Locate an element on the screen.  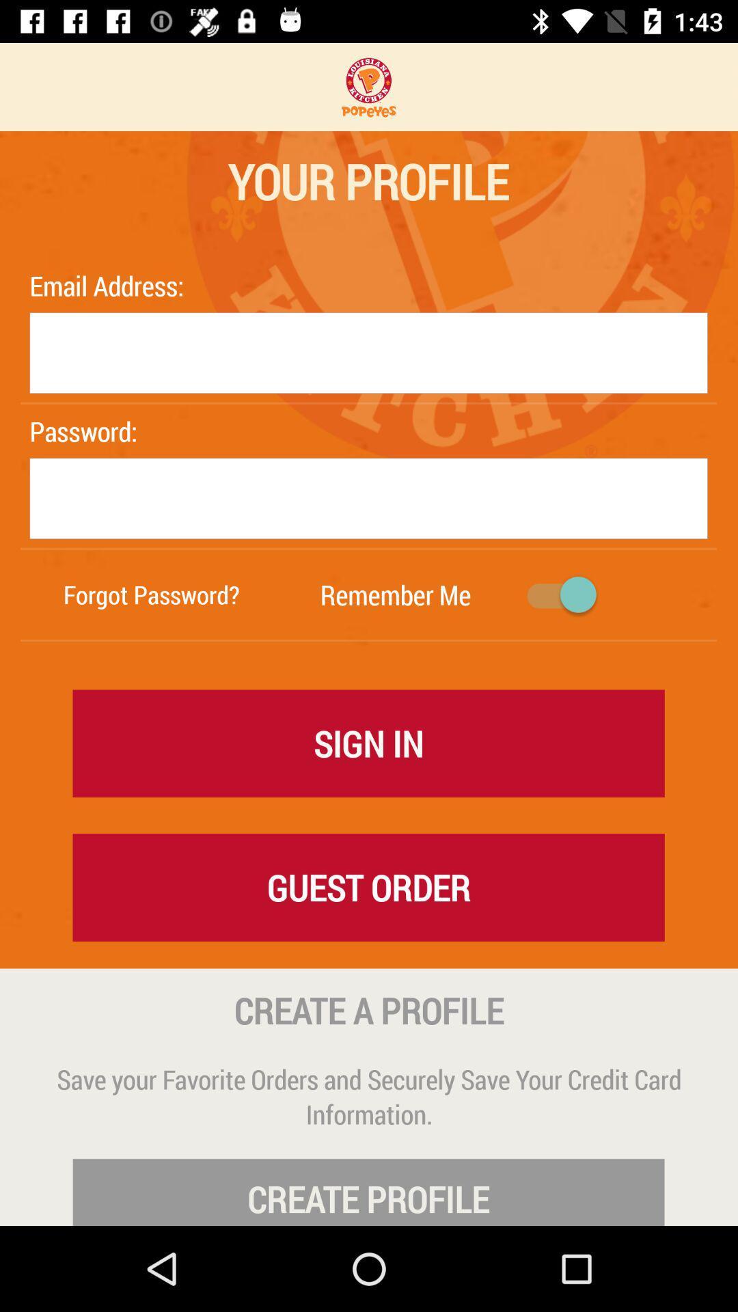
the guest order icon is located at coordinates (368, 887).